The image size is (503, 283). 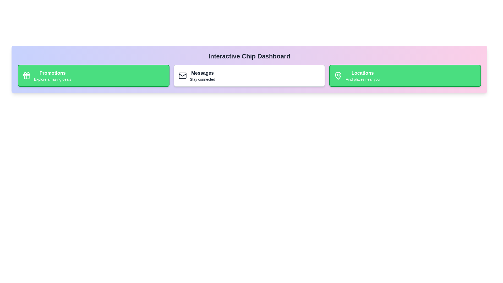 I want to click on the chip labeled Promotions to observe the hover effect, so click(x=93, y=76).